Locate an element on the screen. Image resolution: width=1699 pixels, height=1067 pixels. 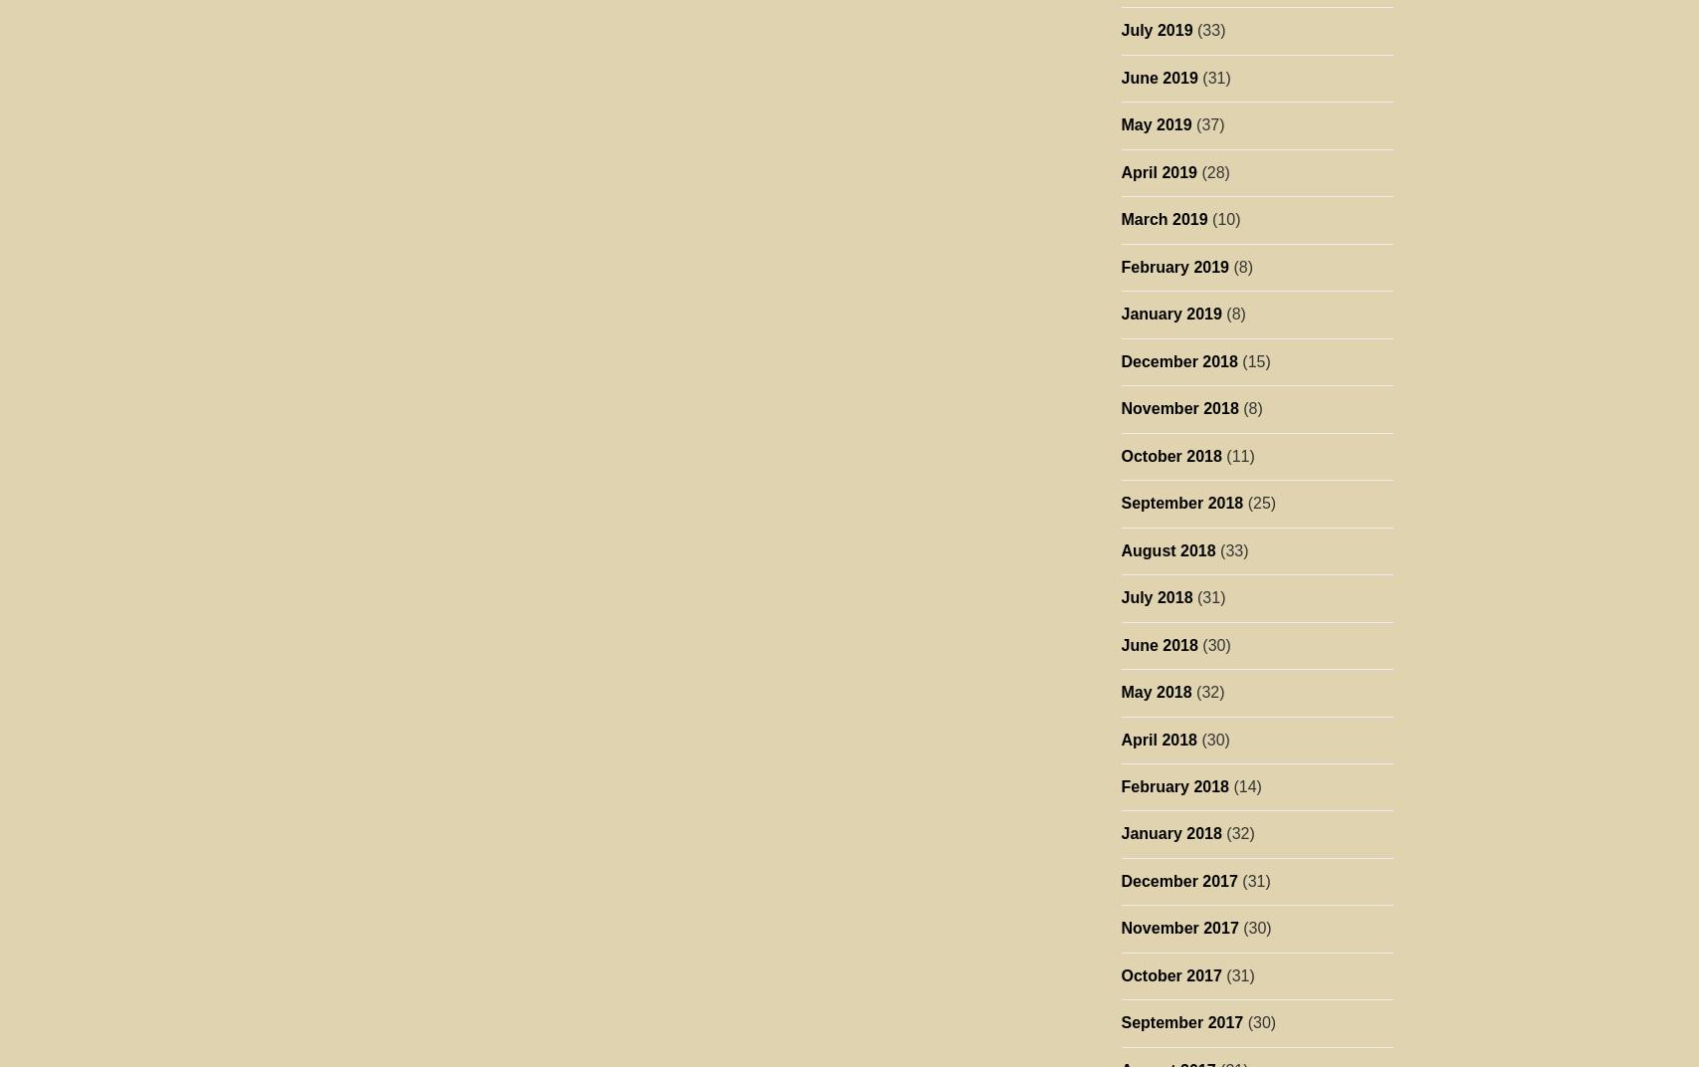
'April 2019' is located at coordinates (1158, 170).